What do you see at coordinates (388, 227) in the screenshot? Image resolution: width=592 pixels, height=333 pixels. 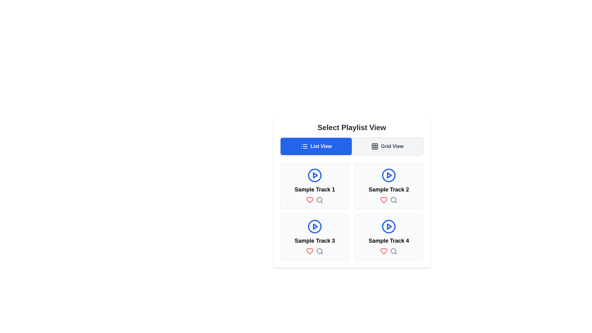 I see `the circular outline within the play button icon for 'Sample Track 4' to initiate the associated action` at bounding box center [388, 227].